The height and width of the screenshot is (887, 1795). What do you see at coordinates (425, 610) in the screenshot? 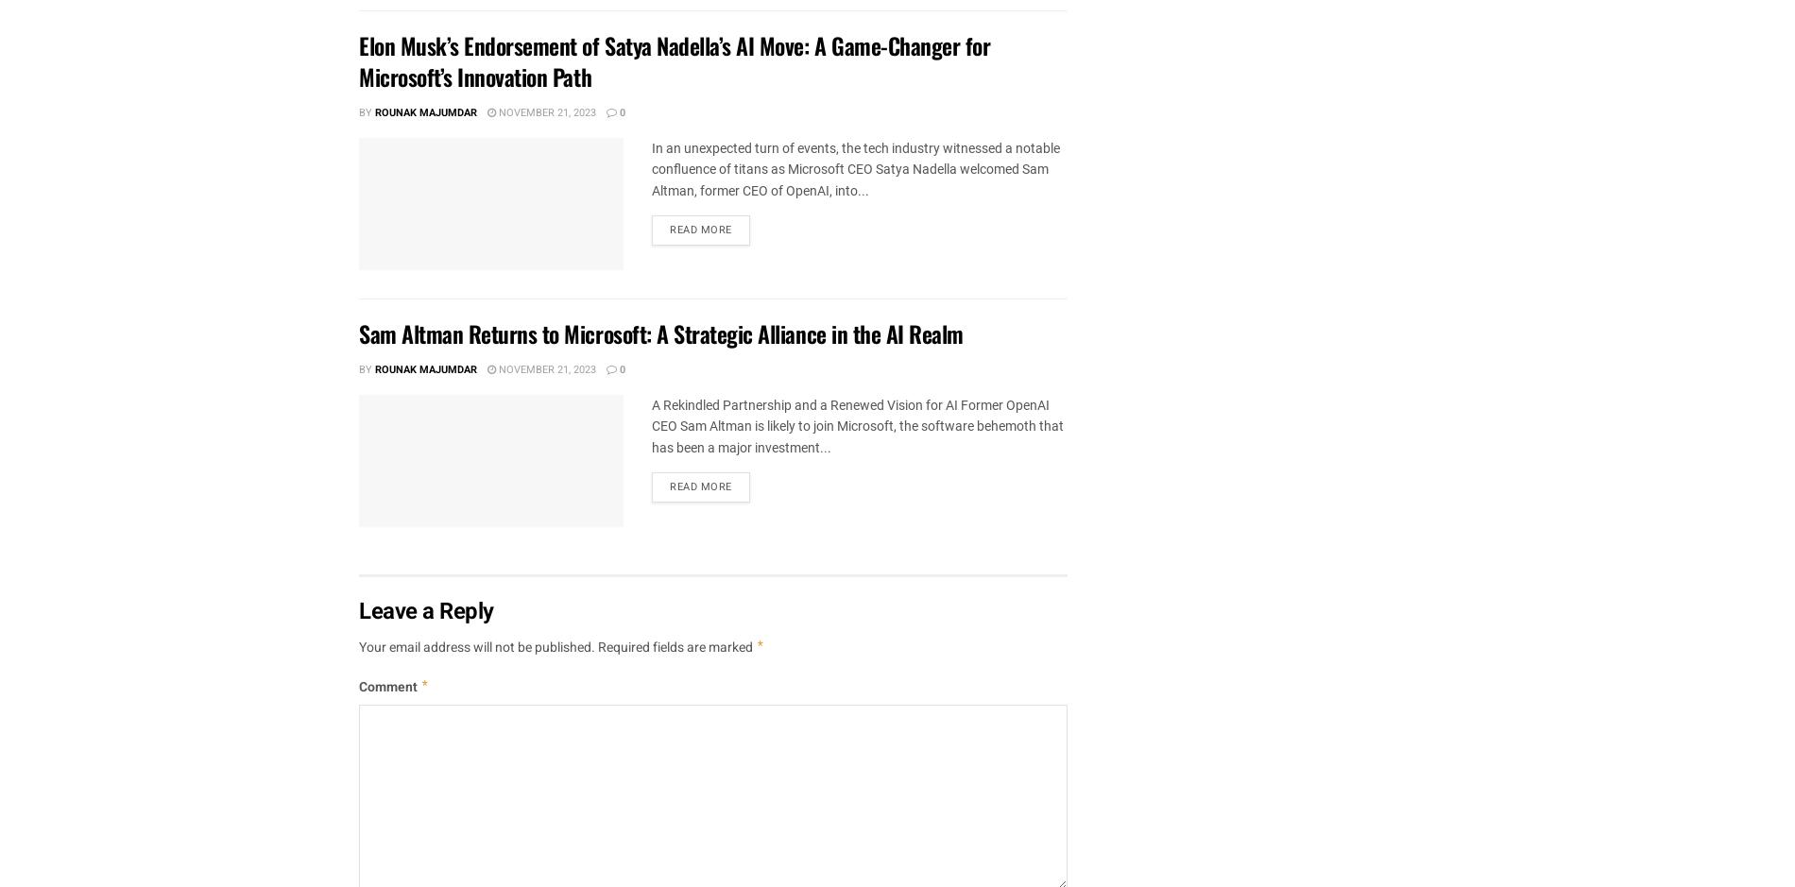
I see `'Leave a Reply'` at bounding box center [425, 610].